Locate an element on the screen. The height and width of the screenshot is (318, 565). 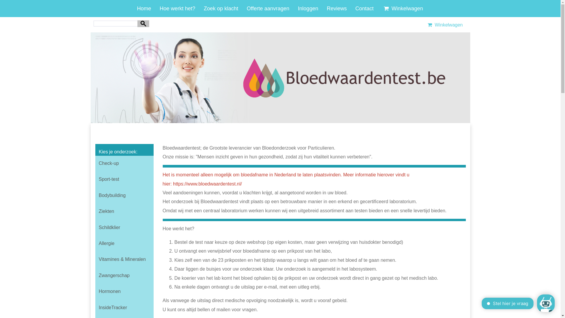
'Bodybuilding' is located at coordinates (124, 195).